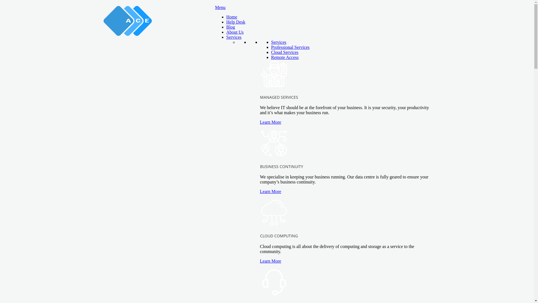  Describe the element at coordinates (220, 7) in the screenshot. I see `'Menu'` at that location.